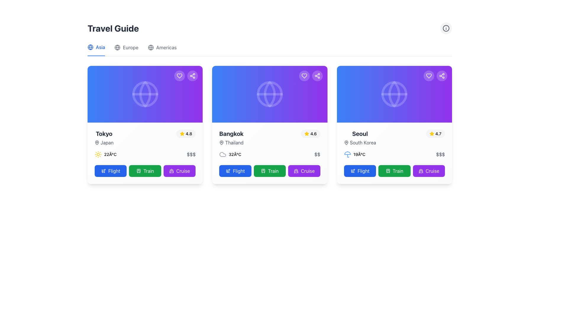 Image resolution: width=568 pixels, height=319 pixels. What do you see at coordinates (188, 134) in the screenshot?
I see `the static text label displaying the rating value of the current item (Tokyo), which is located in the top section of the 'Tokyo' card, next to the yellow star icon` at bounding box center [188, 134].